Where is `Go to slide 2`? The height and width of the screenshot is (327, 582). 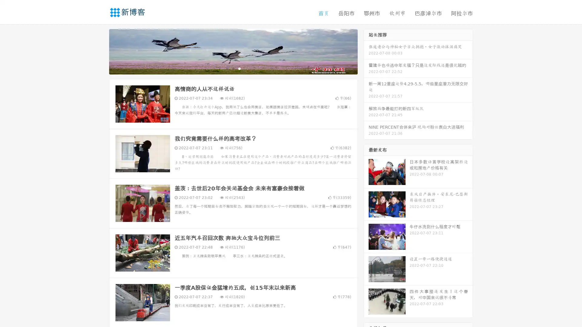
Go to slide 2 is located at coordinates (233, 68).